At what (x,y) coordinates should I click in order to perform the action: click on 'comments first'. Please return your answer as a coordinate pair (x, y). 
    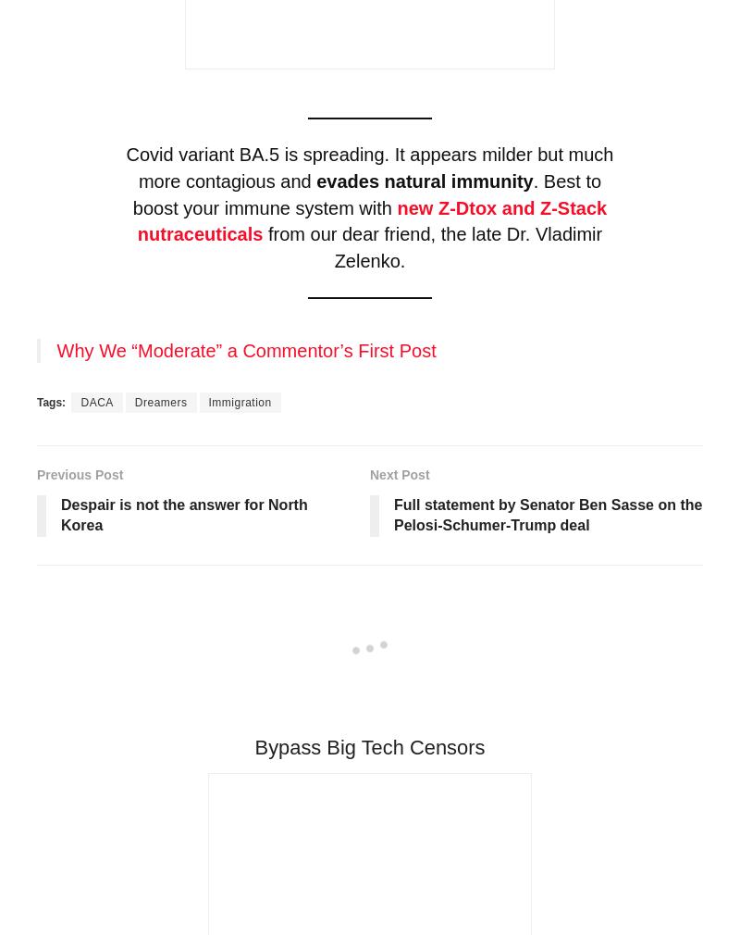
    Looking at the image, I should click on (591, 648).